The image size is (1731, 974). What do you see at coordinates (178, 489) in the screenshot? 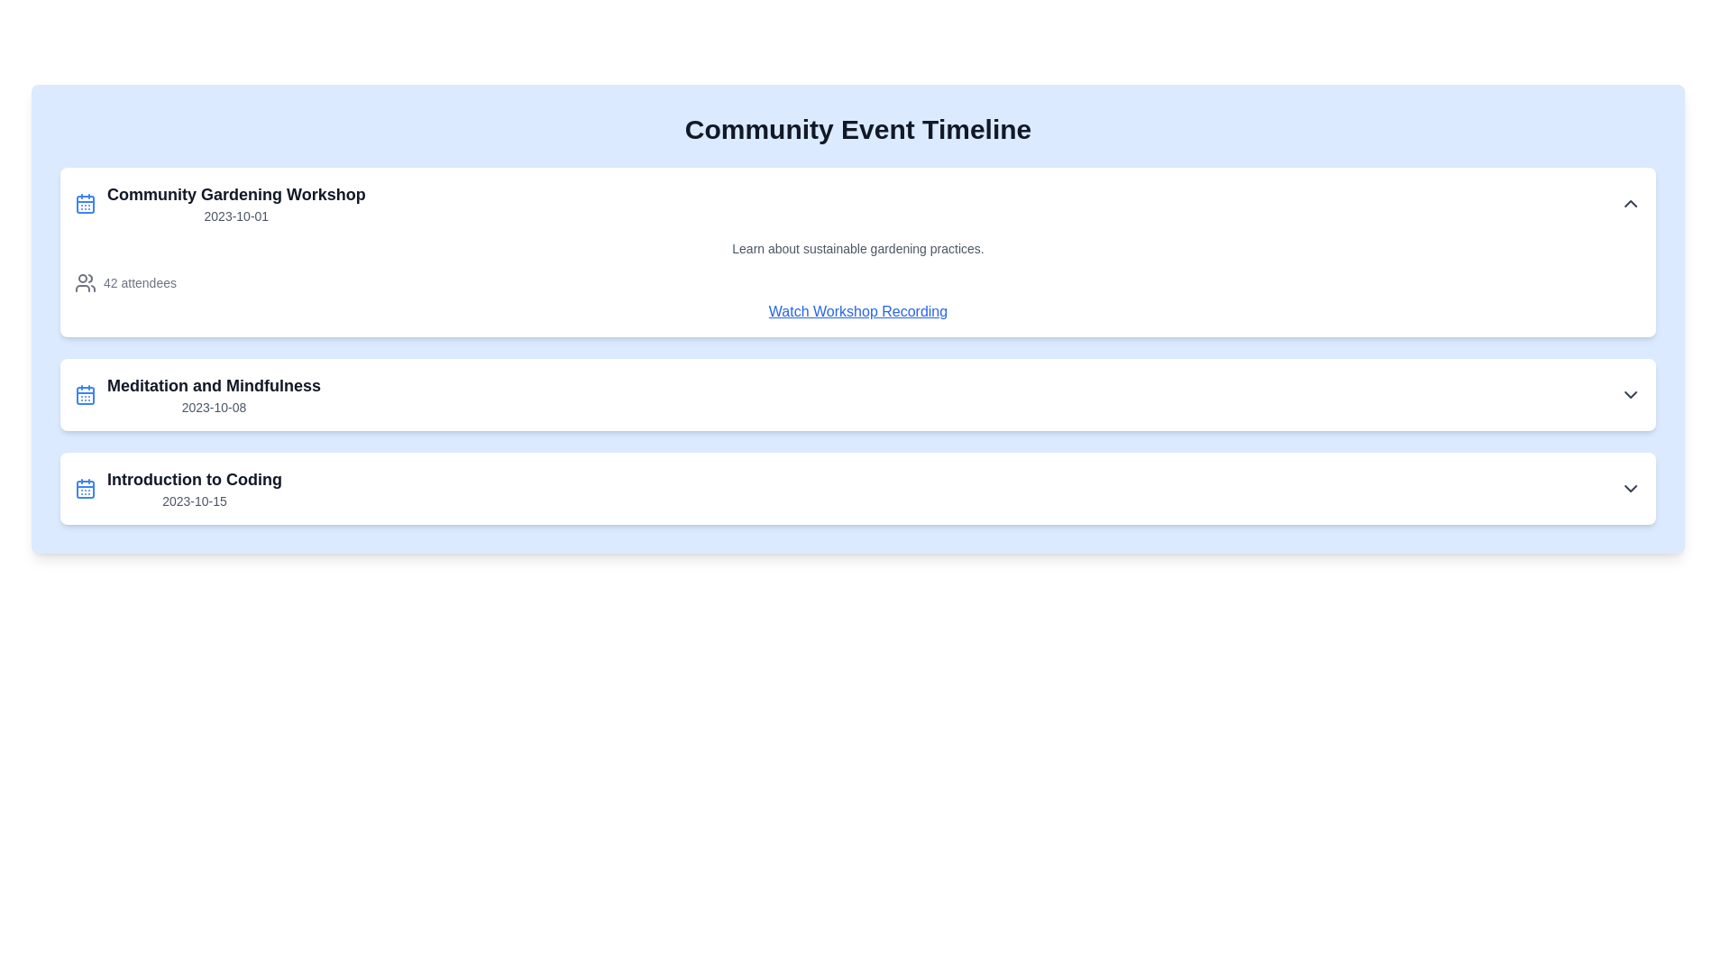
I see `the list item containing the blue calendar icon and the title 'Introduction to Coding'` at bounding box center [178, 489].